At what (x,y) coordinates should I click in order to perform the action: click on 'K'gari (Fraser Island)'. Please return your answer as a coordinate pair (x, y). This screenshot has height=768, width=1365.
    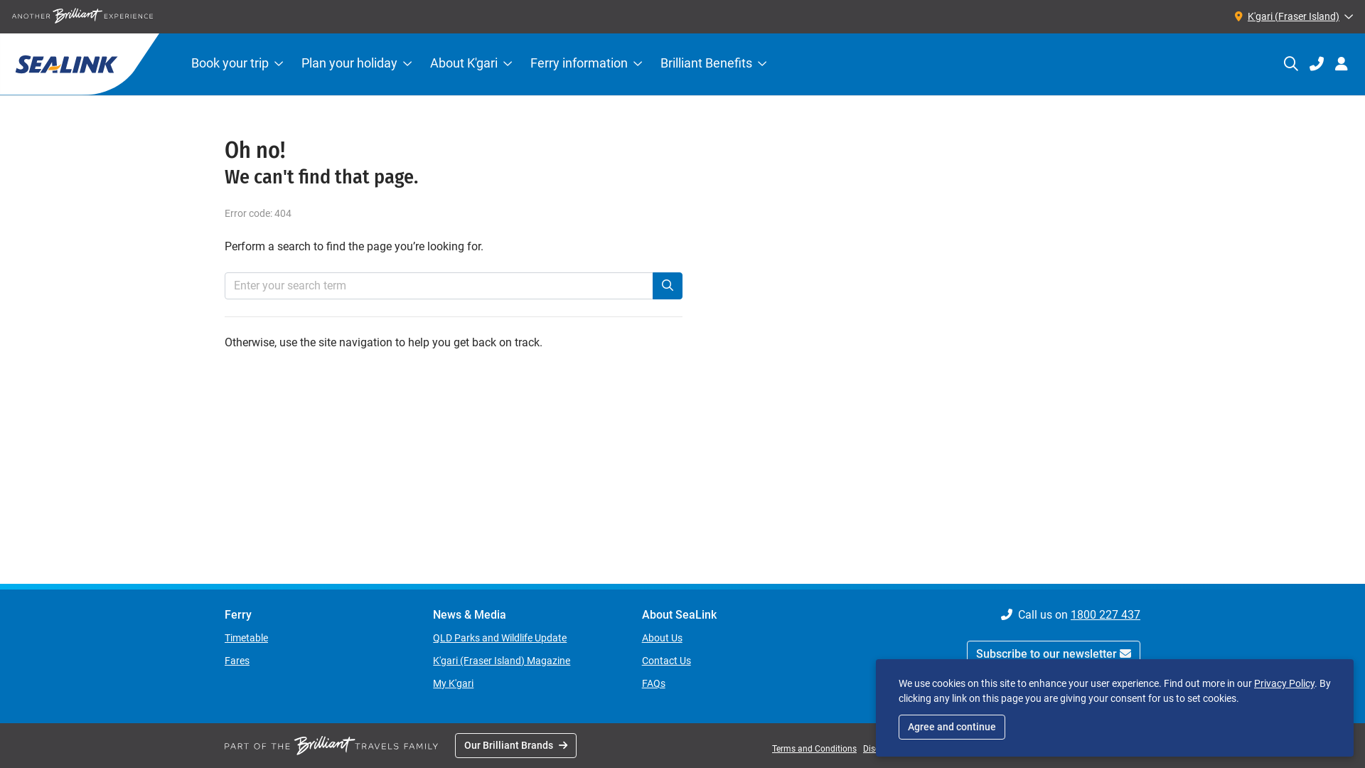
    Looking at the image, I should click on (1290, 16).